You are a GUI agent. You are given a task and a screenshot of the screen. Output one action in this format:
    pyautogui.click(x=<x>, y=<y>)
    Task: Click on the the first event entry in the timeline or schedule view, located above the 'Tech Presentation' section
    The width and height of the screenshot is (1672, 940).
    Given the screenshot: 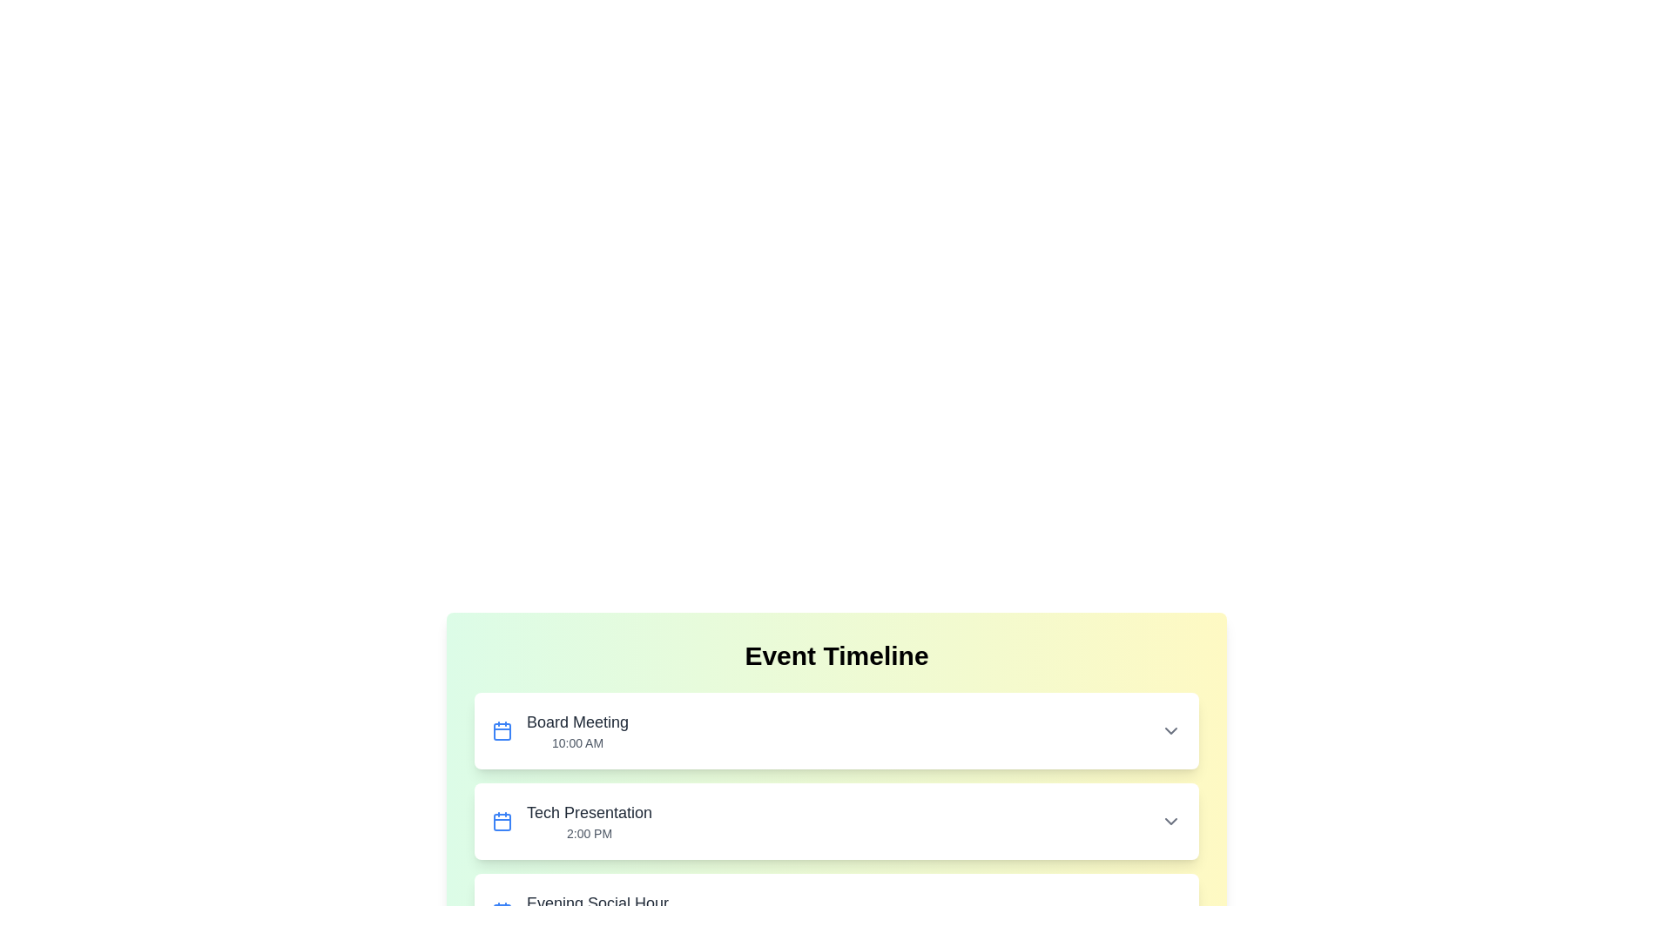 What is the action you would take?
    pyautogui.click(x=560, y=731)
    